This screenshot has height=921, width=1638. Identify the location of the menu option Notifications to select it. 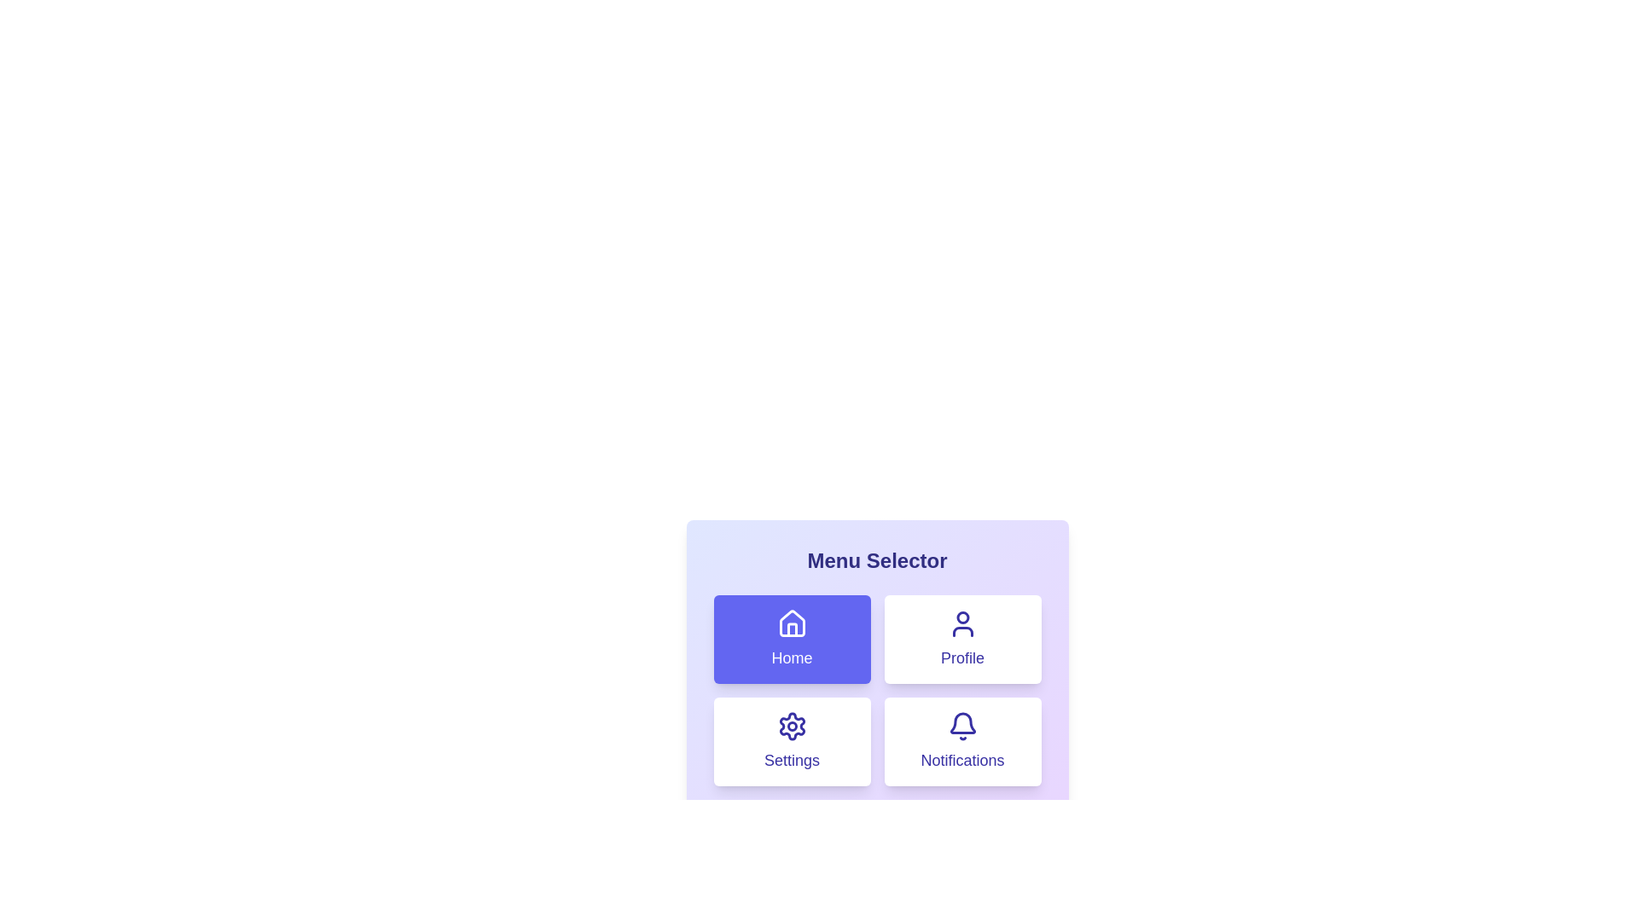
(962, 741).